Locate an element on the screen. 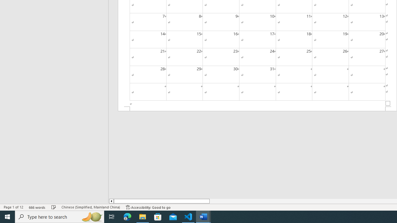 The image size is (397, 223). 'Accessibility Checker Accessibility: Good to go' is located at coordinates (148, 207).